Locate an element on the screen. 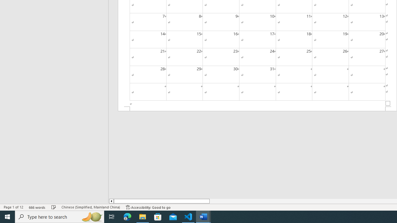 The image size is (397, 223). 'Accessibility Checker Accessibility: Good to go' is located at coordinates (148, 207).